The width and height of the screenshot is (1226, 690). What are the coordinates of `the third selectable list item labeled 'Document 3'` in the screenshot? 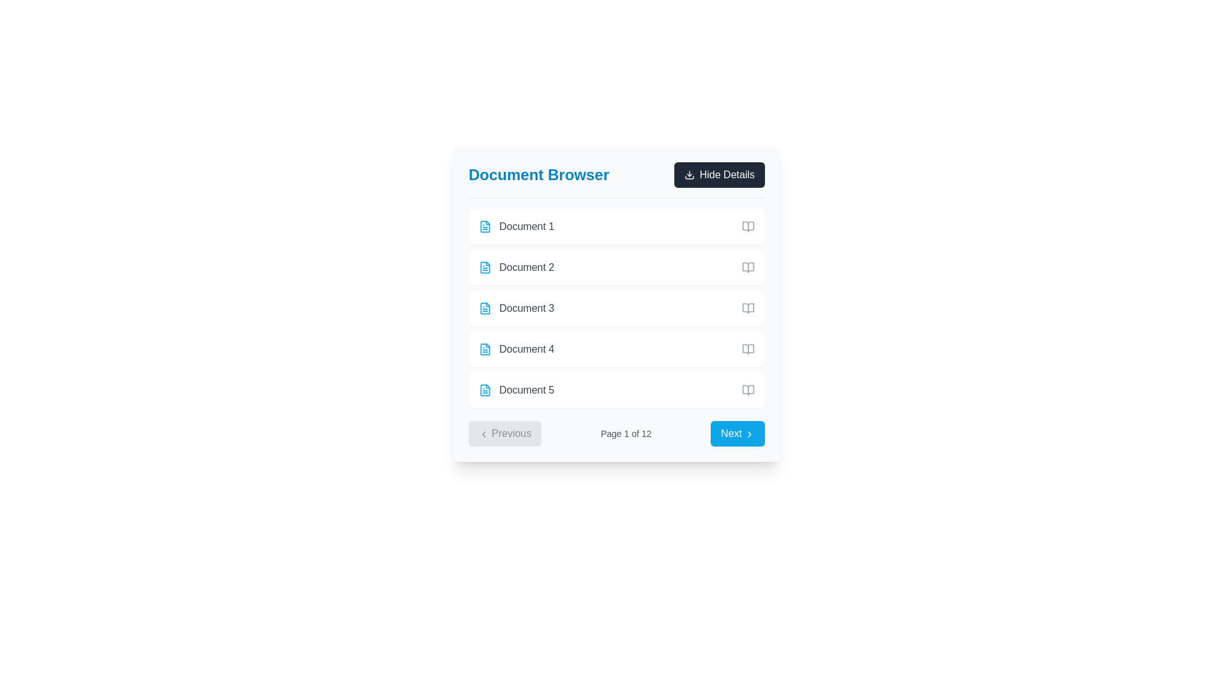 It's located at (616, 308).